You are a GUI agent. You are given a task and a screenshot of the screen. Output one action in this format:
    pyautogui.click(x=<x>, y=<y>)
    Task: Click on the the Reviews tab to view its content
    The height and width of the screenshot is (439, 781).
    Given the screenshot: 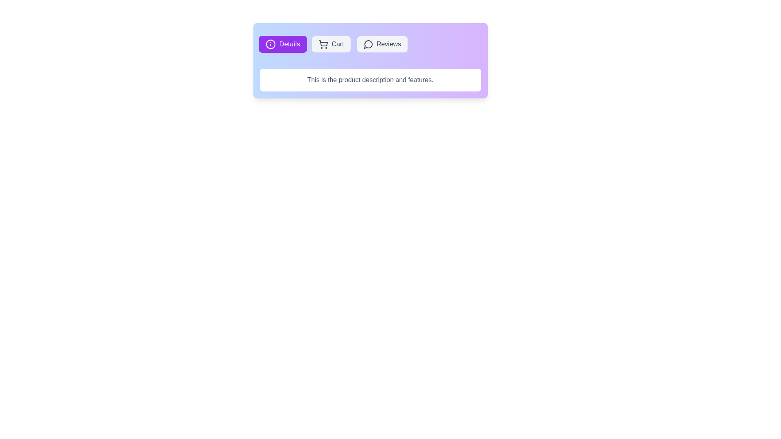 What is the action you would take?
    pyautogui.click(x=382, y=44)
    